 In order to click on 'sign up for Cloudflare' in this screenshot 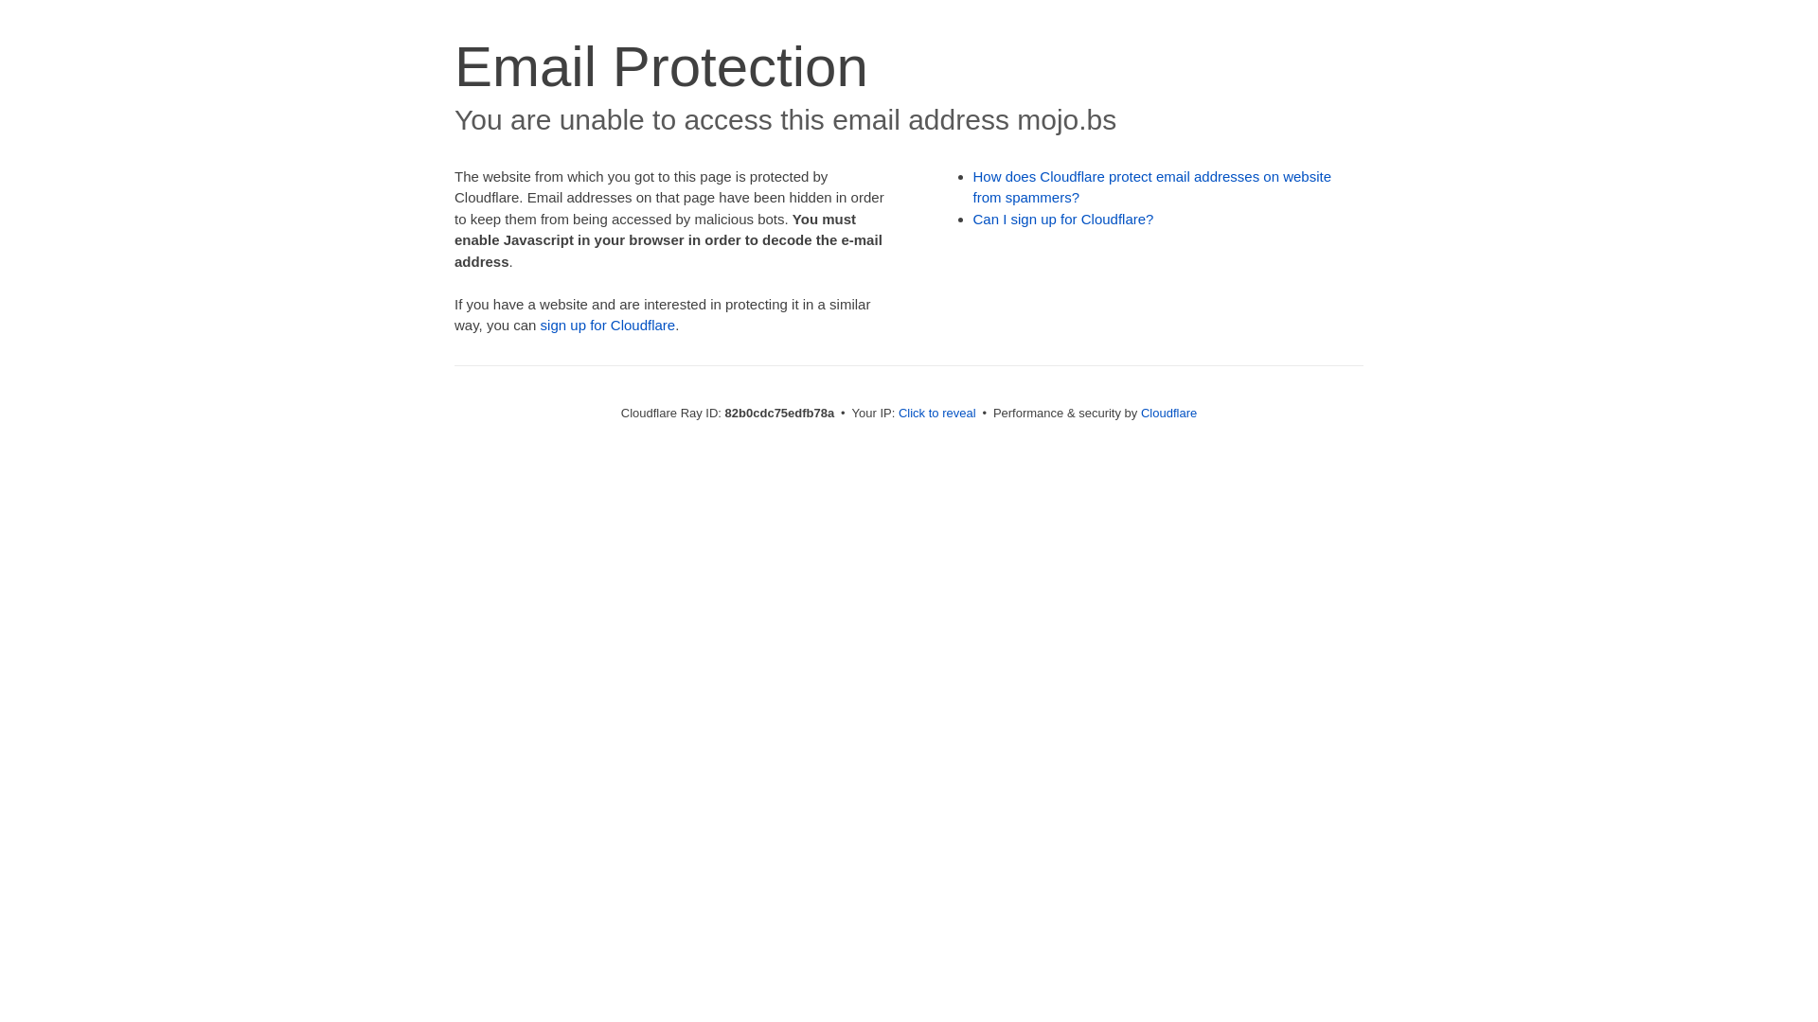, I will do `click(540, 324)`.